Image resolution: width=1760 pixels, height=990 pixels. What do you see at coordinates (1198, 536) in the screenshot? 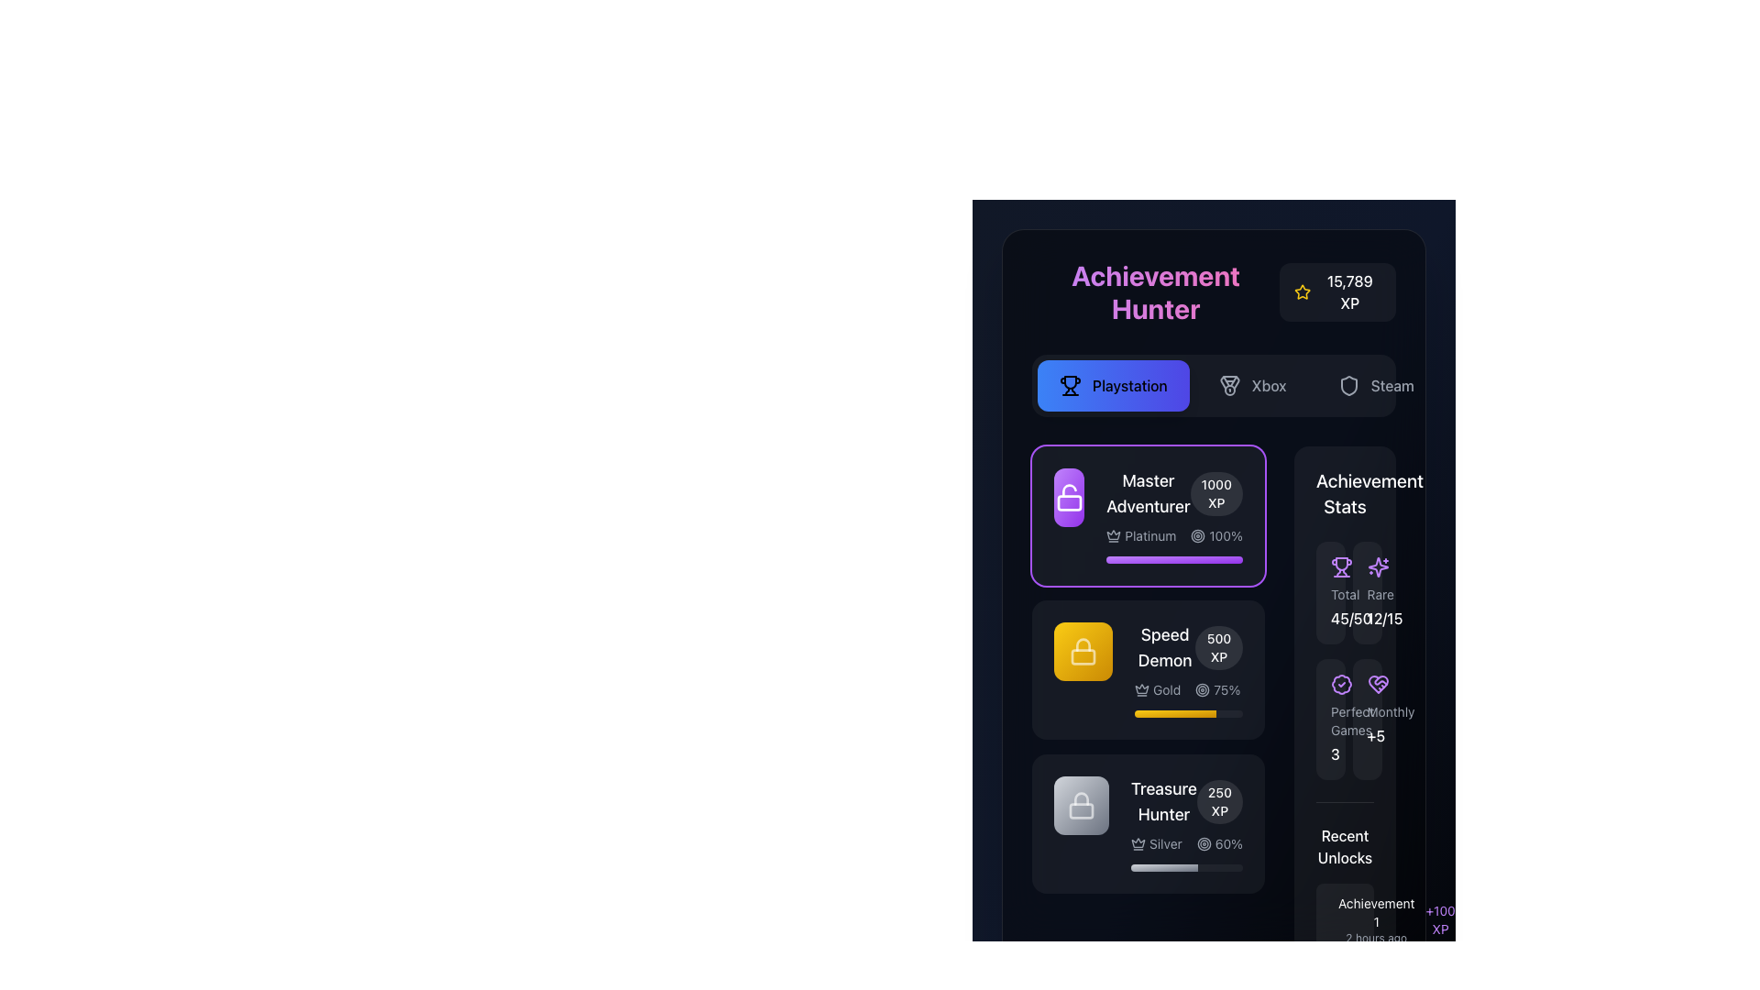
I see `the circular icon with three concentric circles, styled with thin strokes against a dark background, located to the left of the text '100%'` at bounding box center [1198, 536].